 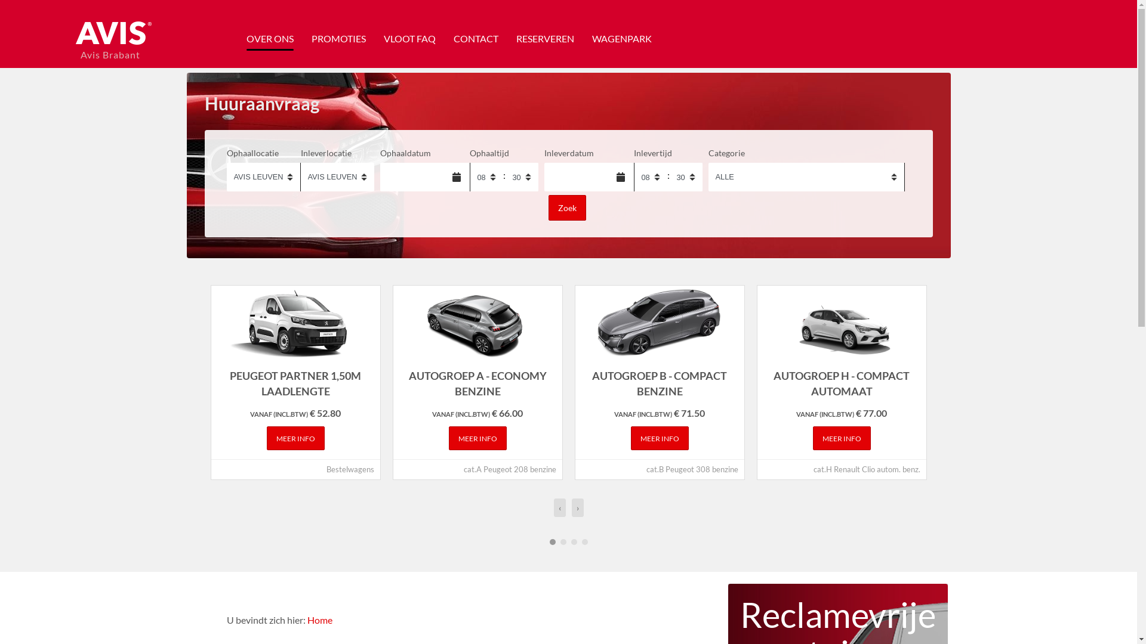 What do you see at coordinates (409, 38) in the screenshot?
I see `'VLOOT FAQ'` at bounding box center [409, 38].